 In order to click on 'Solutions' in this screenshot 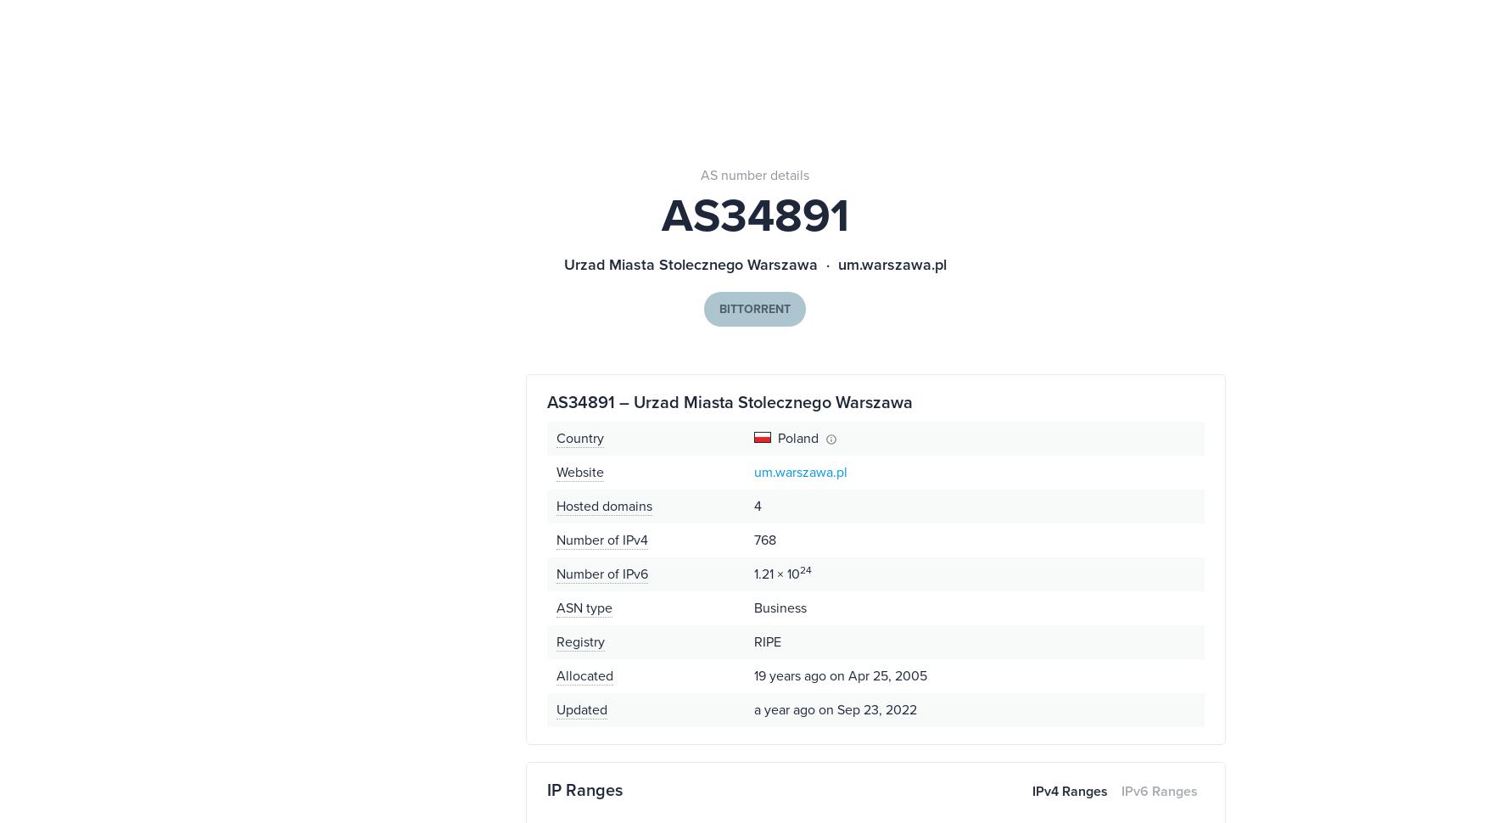, I will do `click(664, 92)`.